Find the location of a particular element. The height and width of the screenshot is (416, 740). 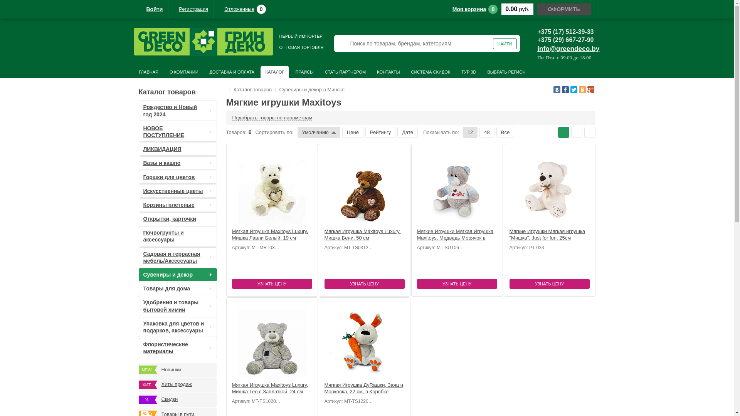

'Twitter' is located at coordinates (573, 89).